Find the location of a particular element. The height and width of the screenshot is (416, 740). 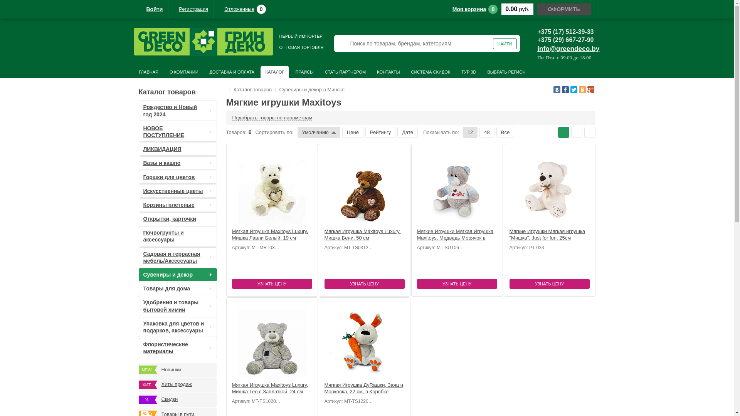

'Twitter' is located at coordinates (573, 89).